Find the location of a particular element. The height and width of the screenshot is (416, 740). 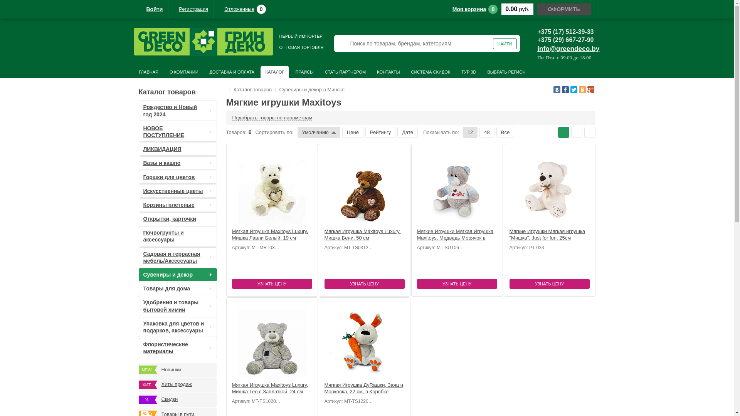

'Twitter' is located at coordinates (573, 89).